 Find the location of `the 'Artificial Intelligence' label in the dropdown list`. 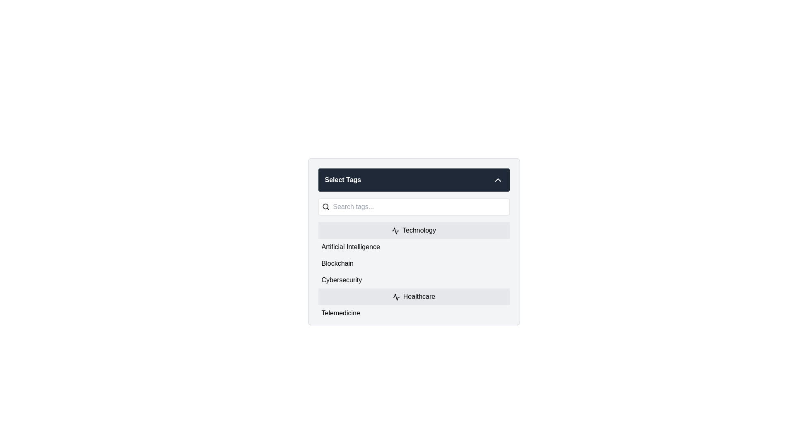

the 'Artificial Intelligence' label in the dropdown list is located at coordinates (351, 247).